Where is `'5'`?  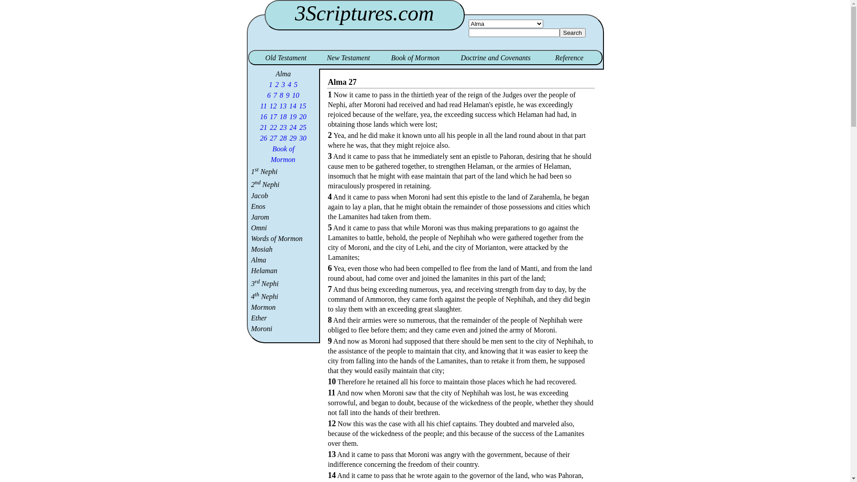
'5' is located at coordinates (295, 84).